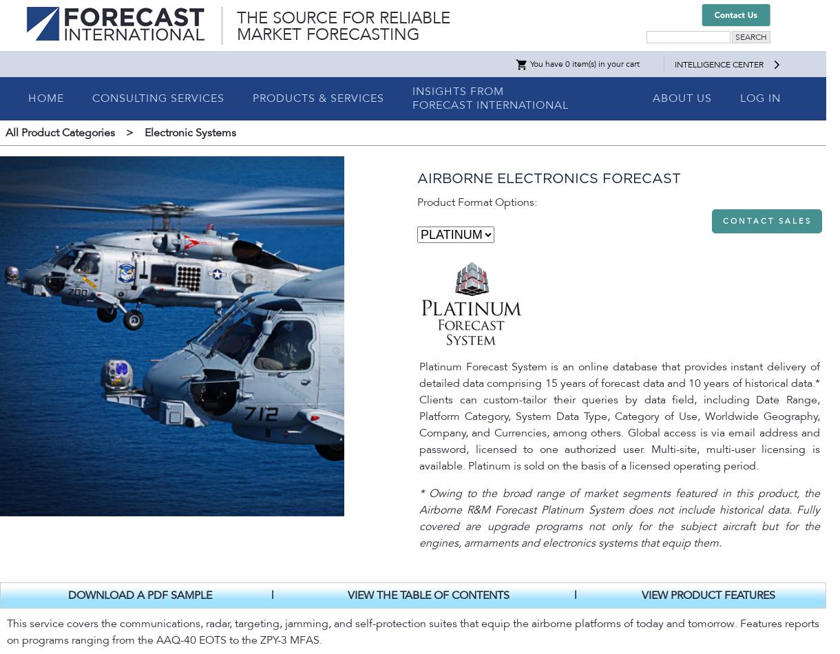 Image resolution: width=840 pixels, height=654 pixels. What do you see at coordinates (101, 213) in the screenshot?
I see `'Airborne Electro-Optical Systems'` at bounding box center [101, 213].